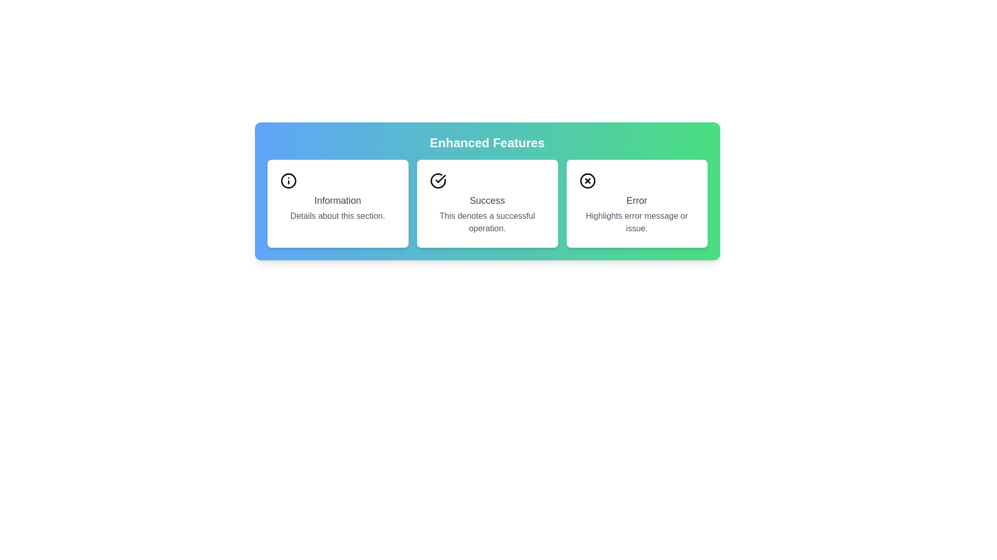 Image resolution: width=997 pixels, height=560 pixels. I want to click on the circular icon background with a black border located in the 'Information' section card, which serves as the background for the 'i' icon, so click(288, 180).